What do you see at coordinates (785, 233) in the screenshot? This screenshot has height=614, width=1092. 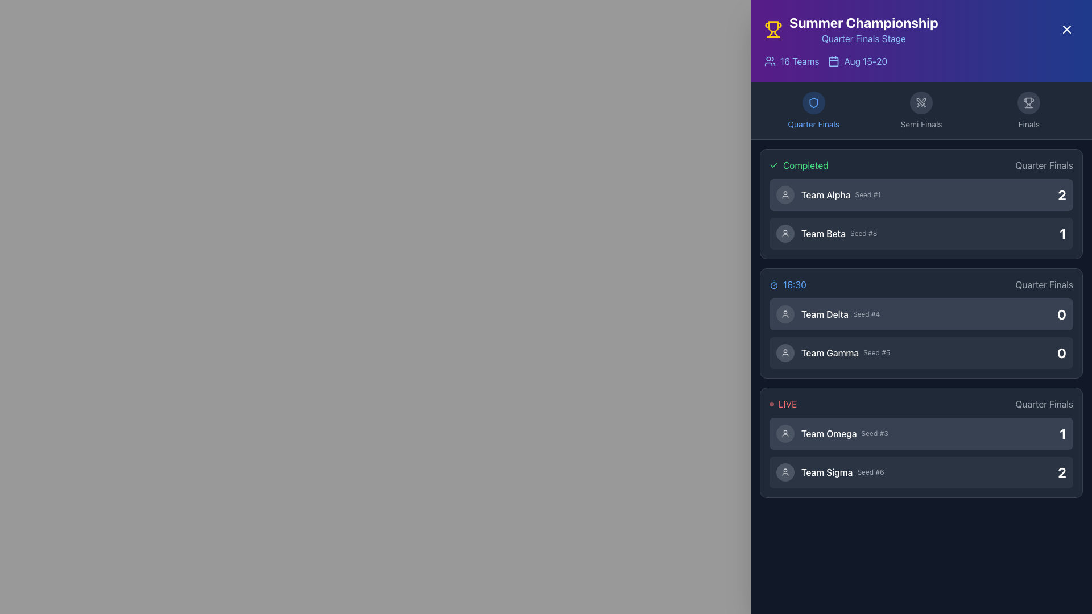 I see `the user profile icon, which is a muted gray circular head and upper body outline situated in the left section of a team card in the right-hand panel` at bounding box center [785, 233].